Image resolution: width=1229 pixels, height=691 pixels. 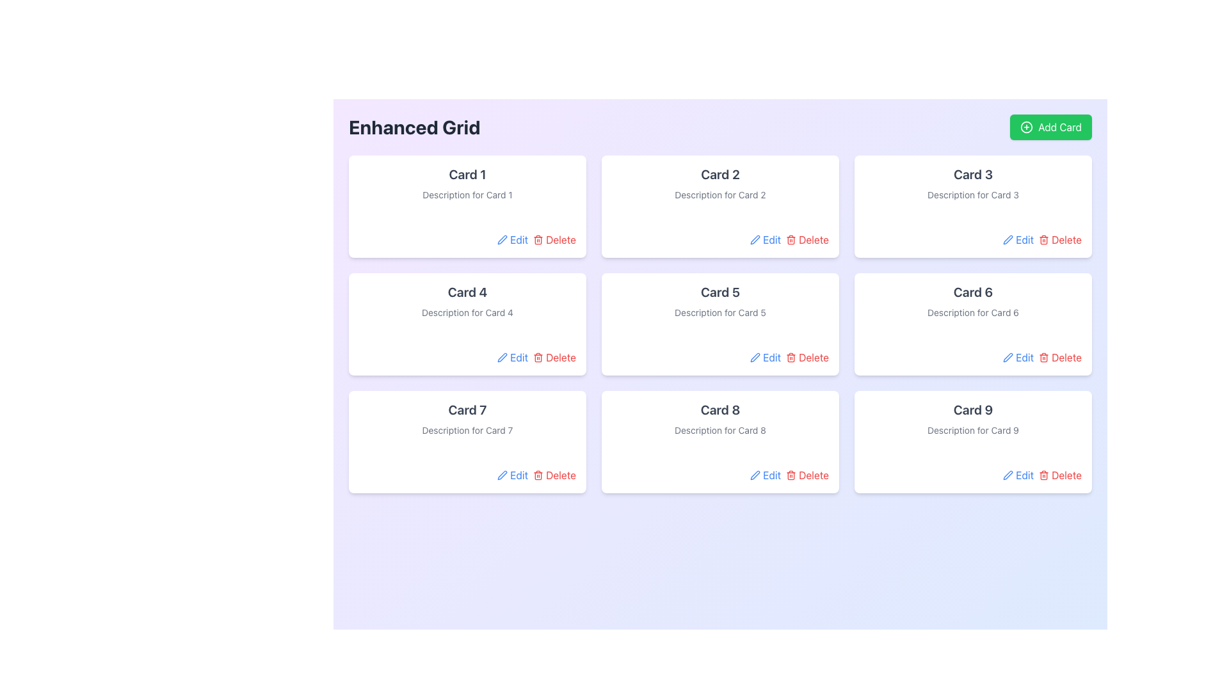 I want to click on the blue 'Edit' button with a pen icon located in the control section of 'Card 4', so click(x=513, y=358).